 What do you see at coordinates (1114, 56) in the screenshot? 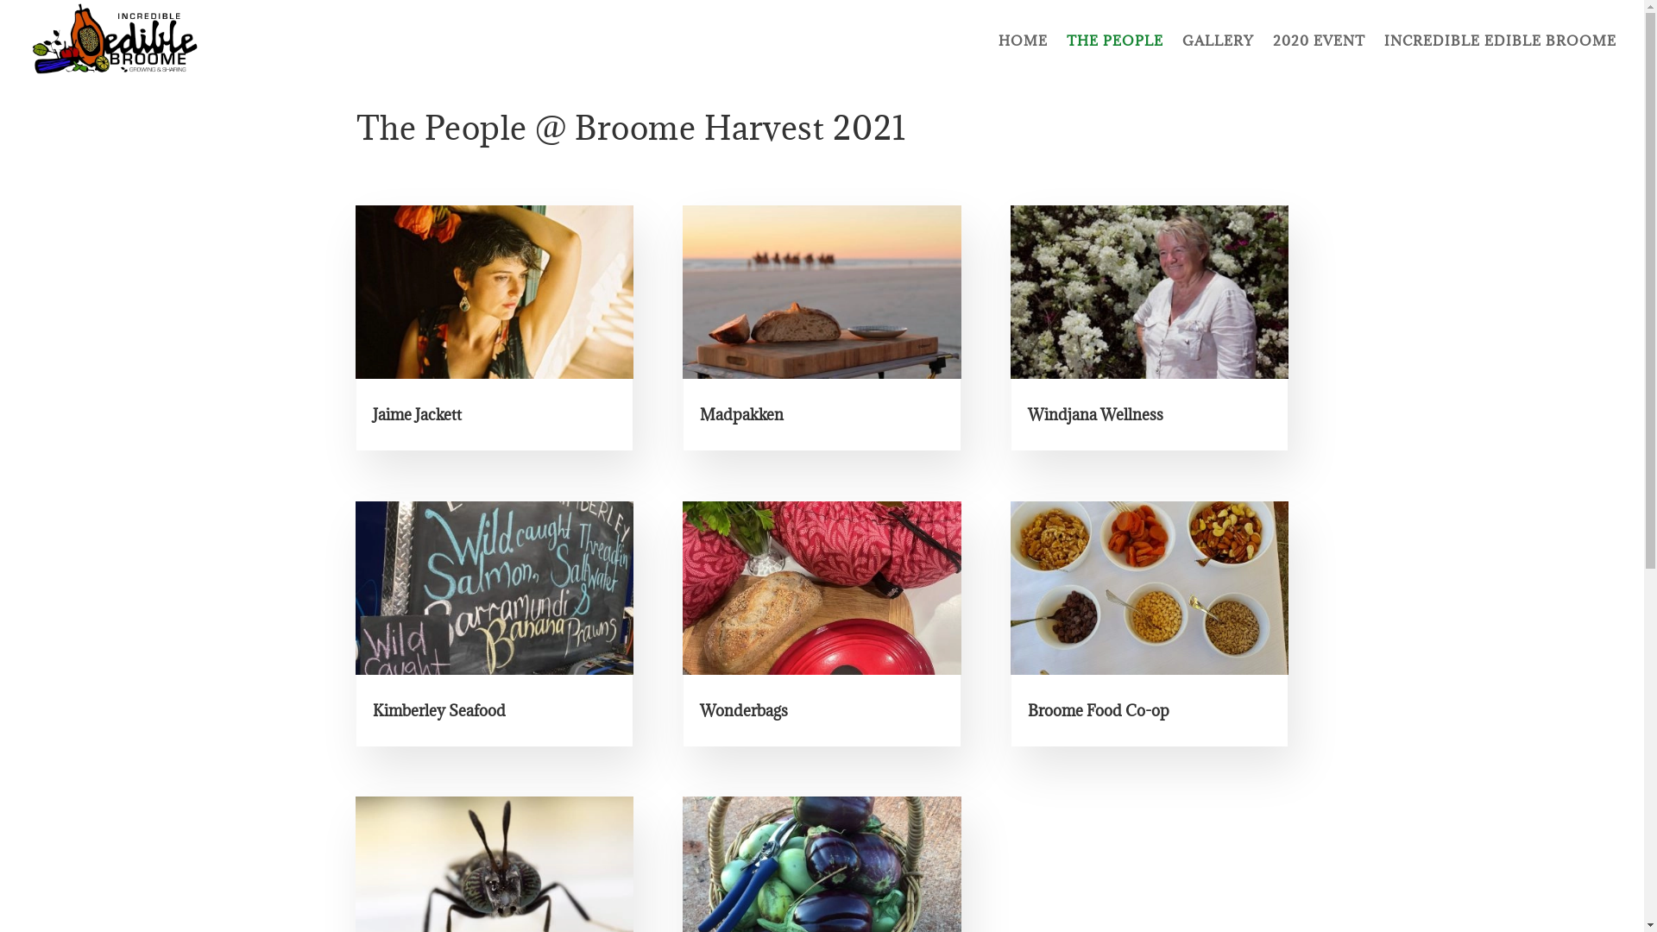
I see `'THE PEOPLE'` at bounding box center [1114, 56].